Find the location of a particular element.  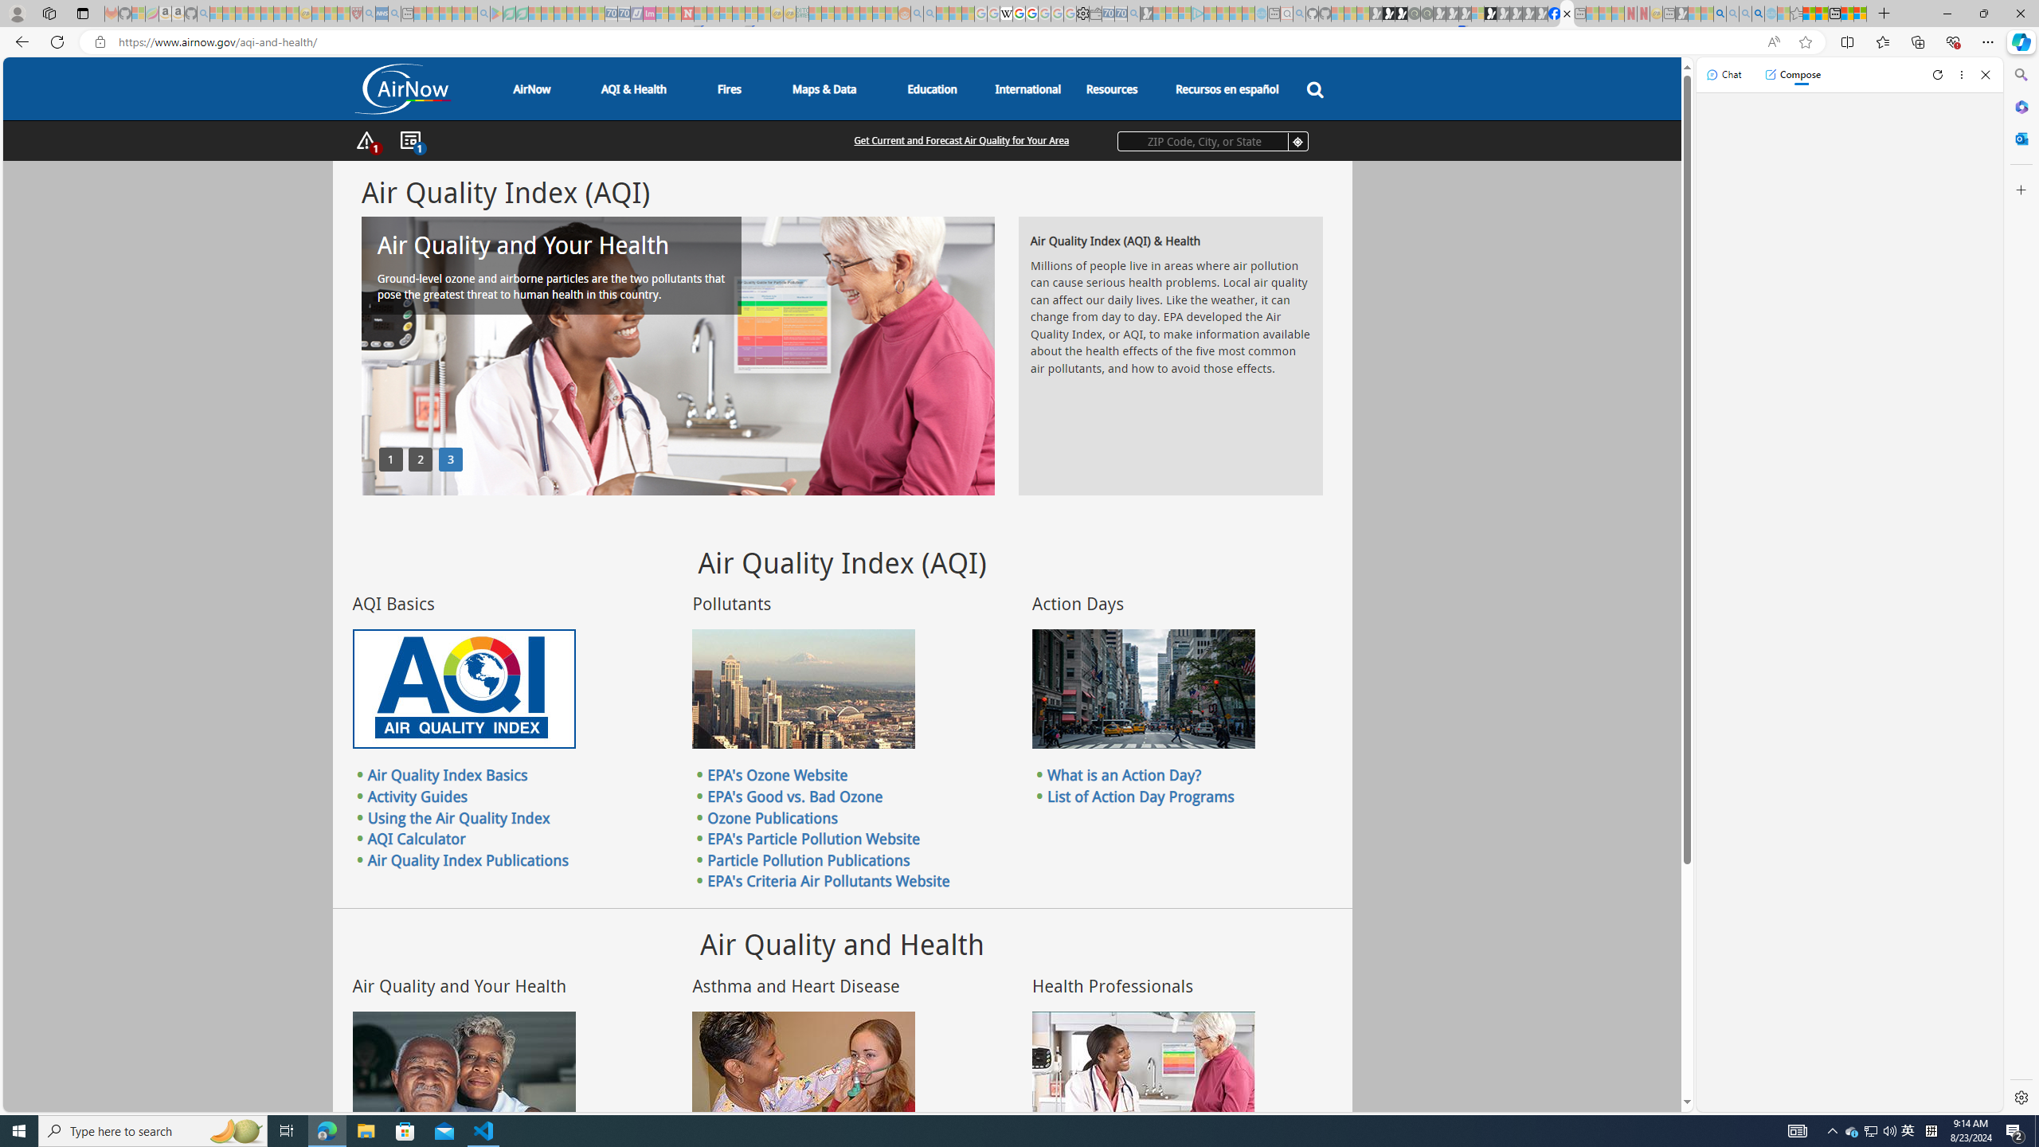

'AQI & Health | AirNow.gov' is located at coordinates (1566, 13).